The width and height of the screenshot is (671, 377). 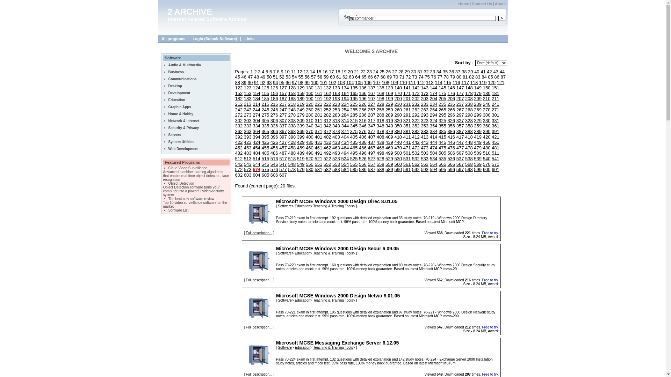 I want to click on '289', so click(x=389, y=114).